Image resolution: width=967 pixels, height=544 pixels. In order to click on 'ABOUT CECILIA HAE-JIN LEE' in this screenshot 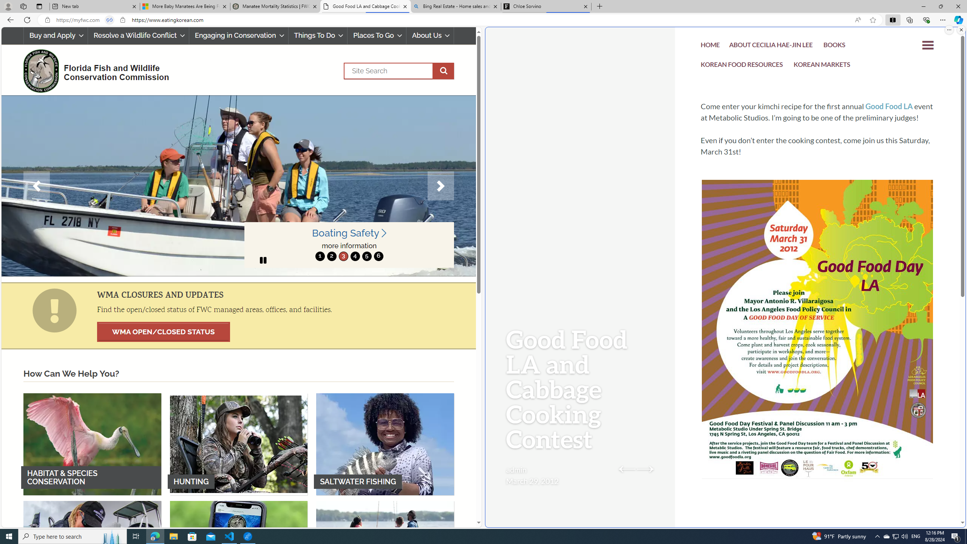, I will do `click(771, 46)`.